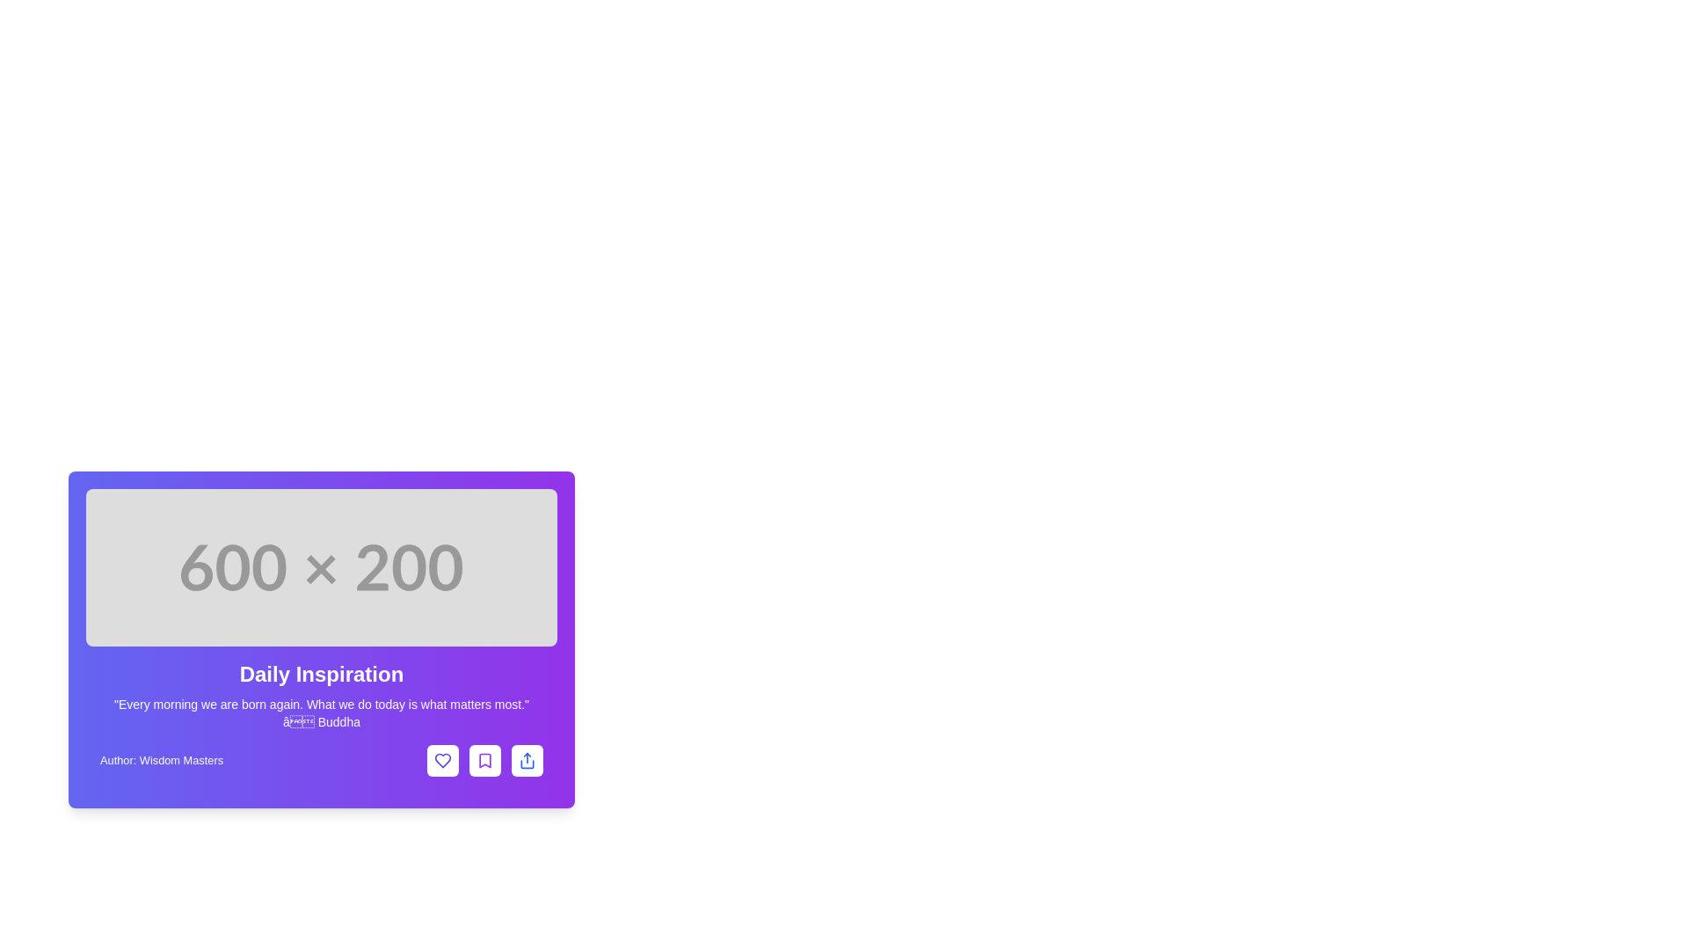 Image resolution: width=1688 pixels, height=950 pixels. What do you see at coordinates (443, 759) in the screenshot?
I see `the heart-shaped icon button located in the bottom right section of the card-like interface to like the content` at bounding box center [443, 759].